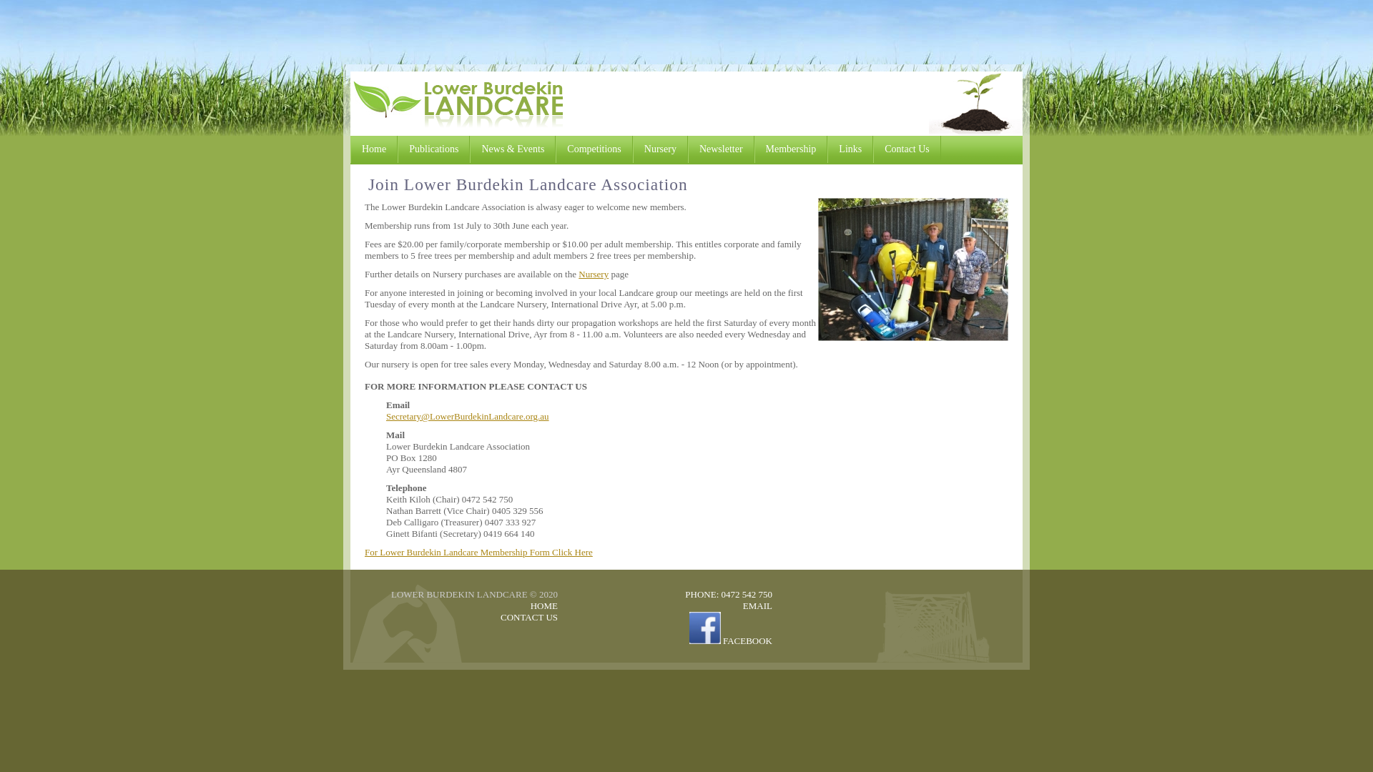 The image size is (1373, 772). I want to click on 'Secretary@LowerBurdekinLandcare.org.au', so click(467, 416).